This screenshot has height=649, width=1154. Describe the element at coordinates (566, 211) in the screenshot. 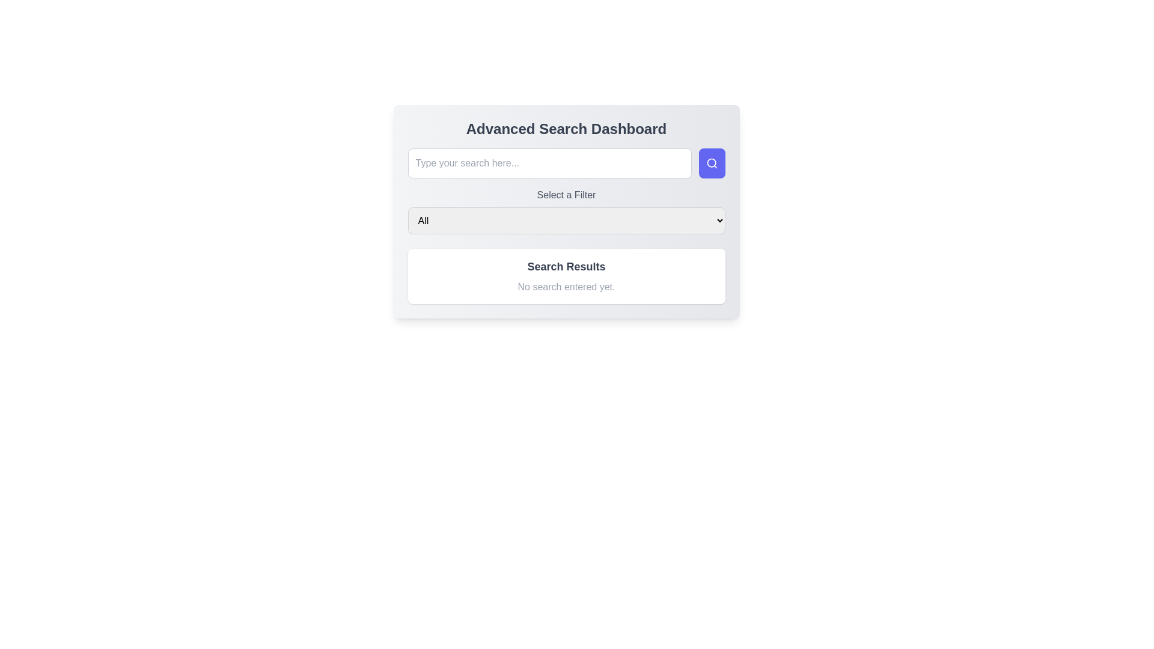

I see `the dropdown menu labeled 'Select a Filter' in the 'Advanced Search Dashboard' panel to select a filter option` at that location.